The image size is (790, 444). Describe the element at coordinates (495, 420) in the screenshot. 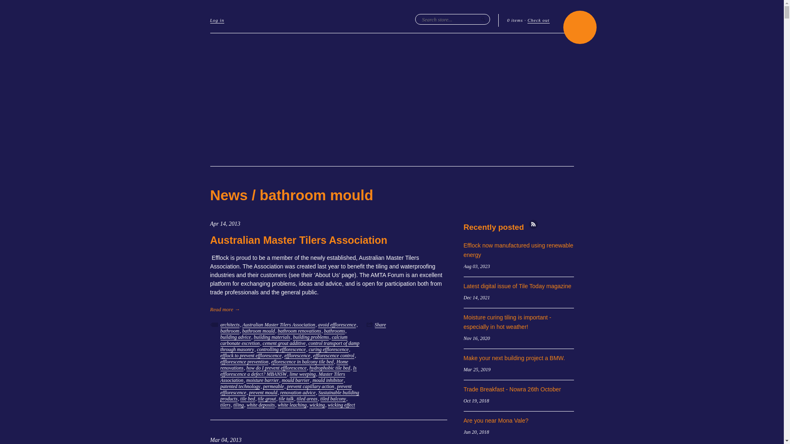

I see `'Are you near Mona Vale?'` at that location.